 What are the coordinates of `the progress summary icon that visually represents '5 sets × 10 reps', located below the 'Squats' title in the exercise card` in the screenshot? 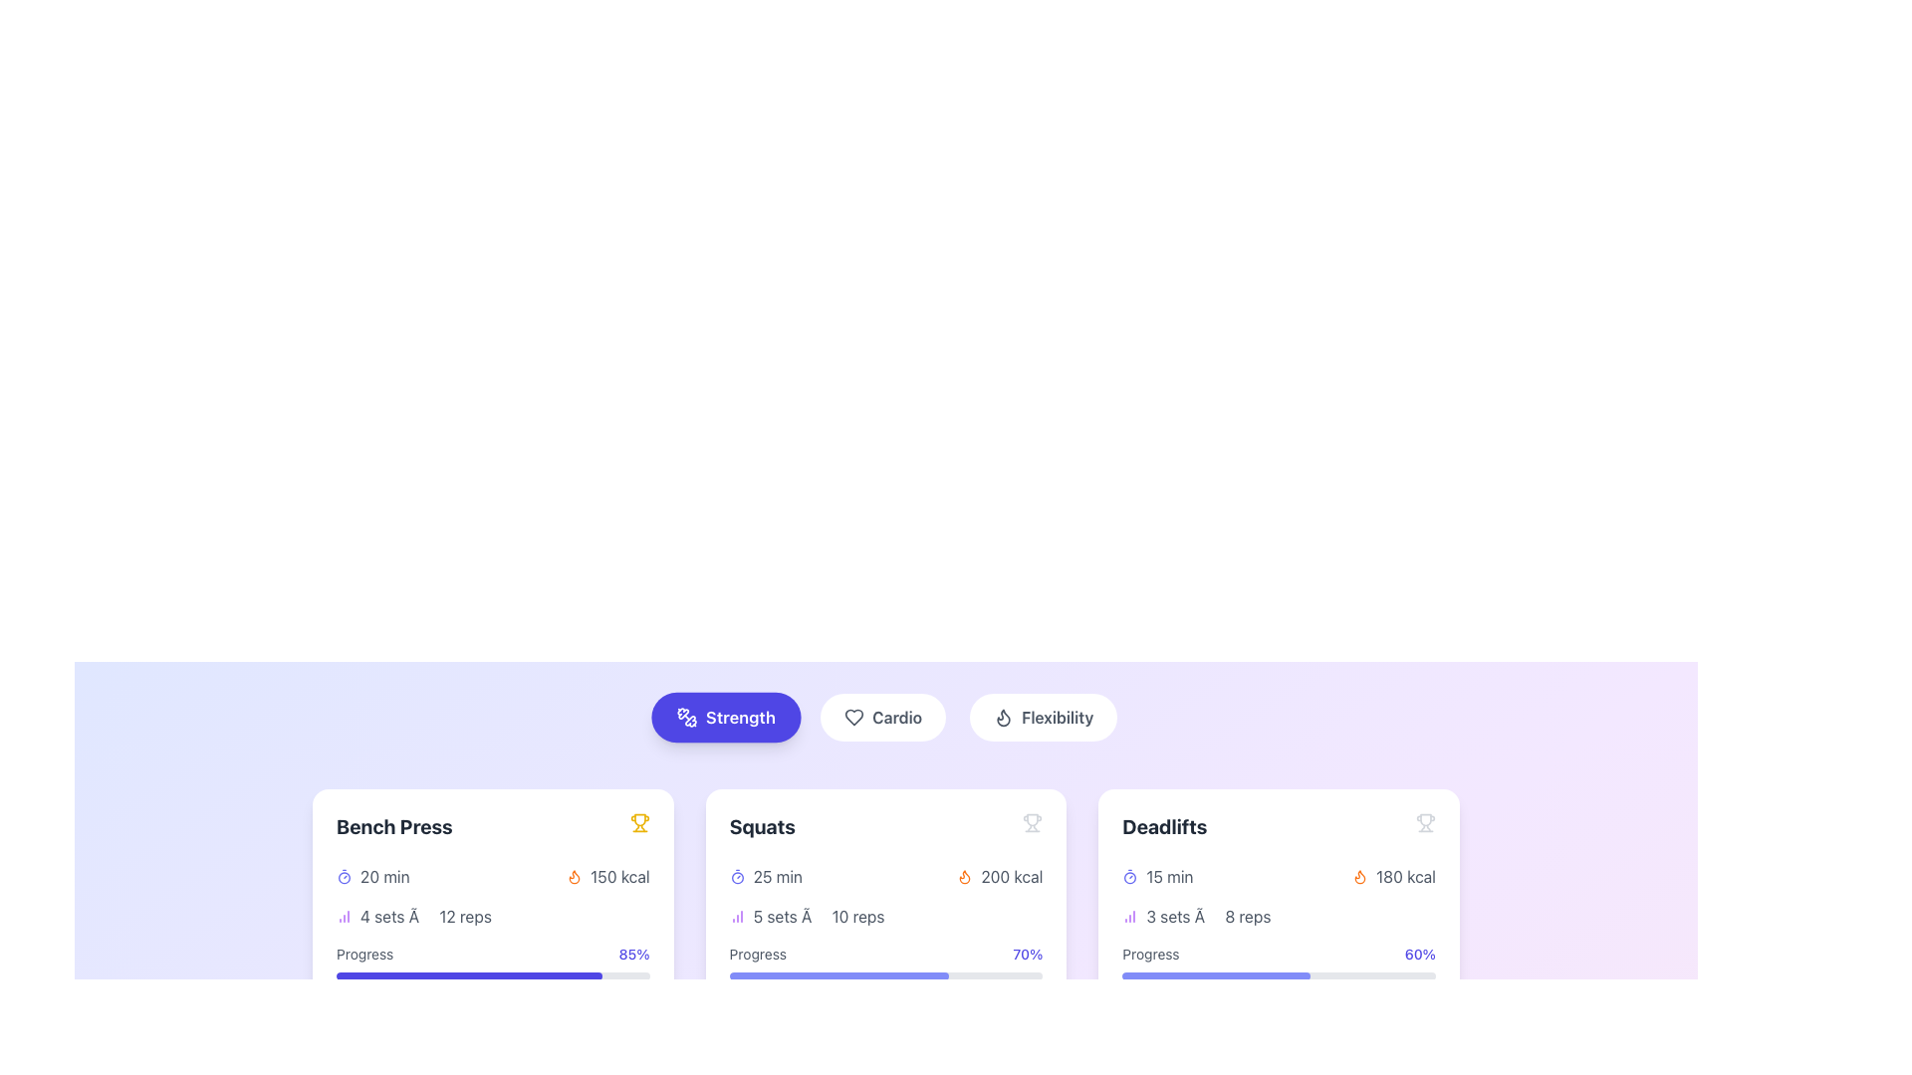 It's located at (736, 917).